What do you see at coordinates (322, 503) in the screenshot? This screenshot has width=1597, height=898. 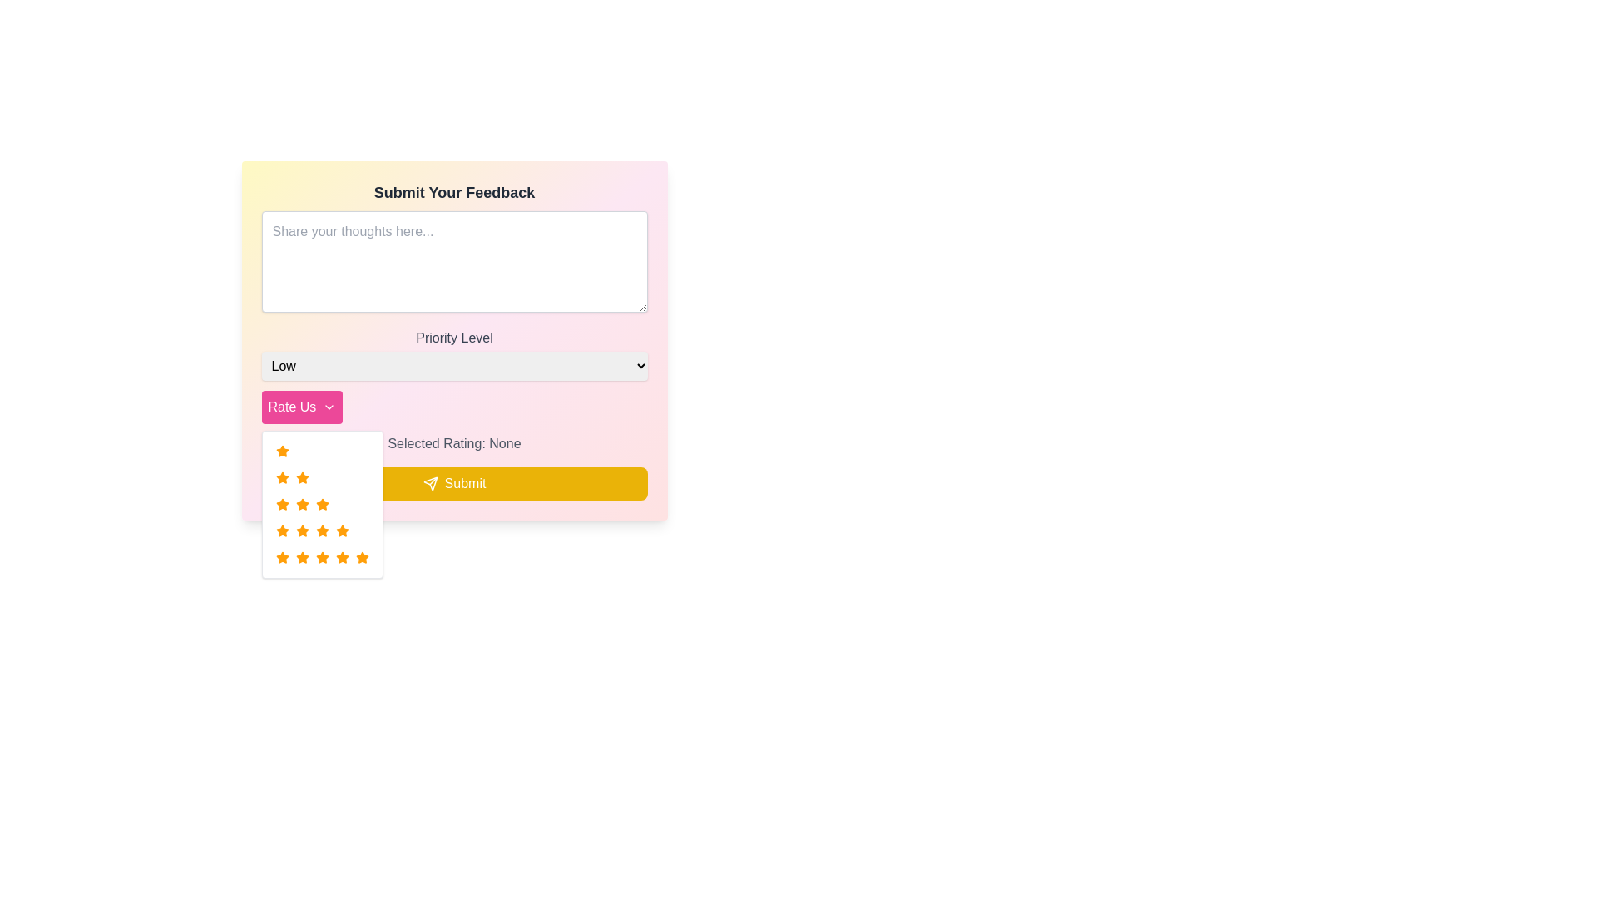 I see `the yellow, five-pointed star icon, which is the second icon` at bounding box center [322, 503].